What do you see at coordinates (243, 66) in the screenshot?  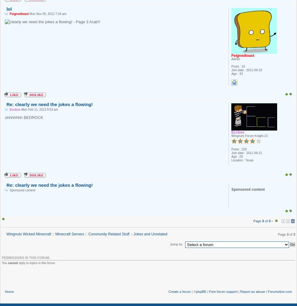 I see `'16'` at bounding box center [243, 66].